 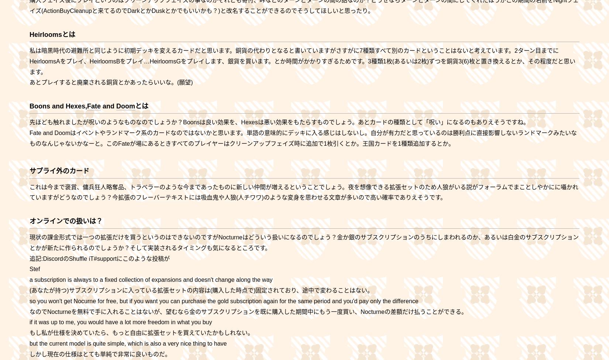 I want to click on 'if it was up to me, you would have a lot more freedom in what you buy', so click(x=121, y=322).